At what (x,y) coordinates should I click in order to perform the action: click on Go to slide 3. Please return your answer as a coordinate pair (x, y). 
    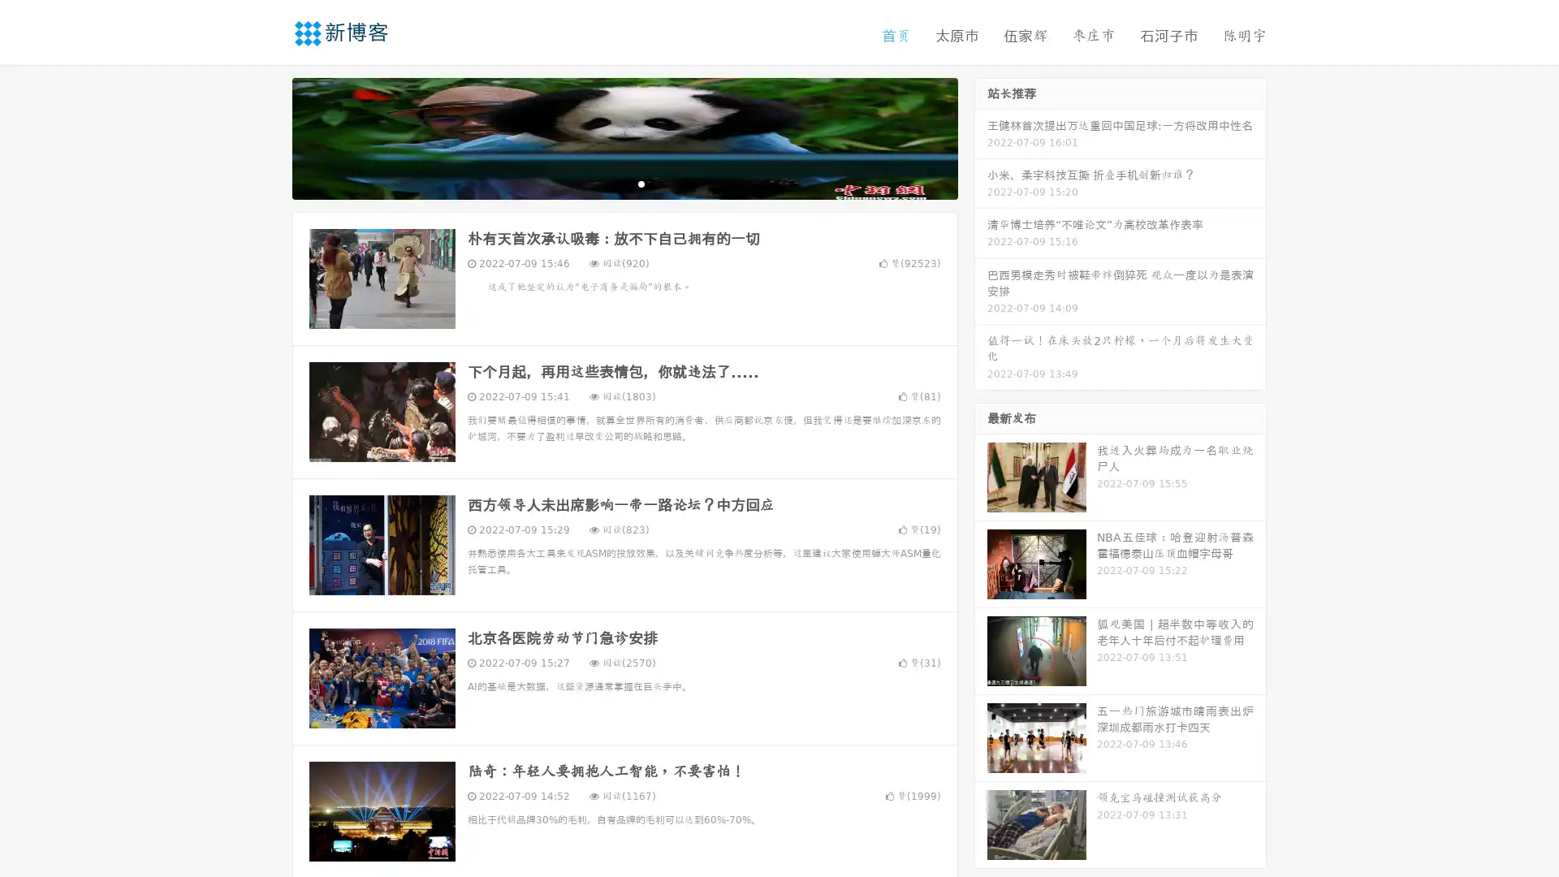
    Looking at the image, I should click on (641, 183).